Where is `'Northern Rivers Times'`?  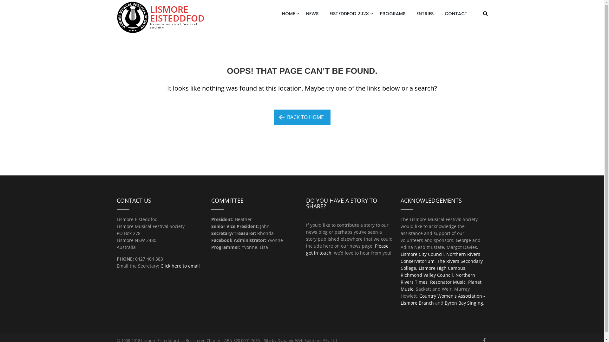
'Northern Rivers Times' is located at coordinates (437, 278).